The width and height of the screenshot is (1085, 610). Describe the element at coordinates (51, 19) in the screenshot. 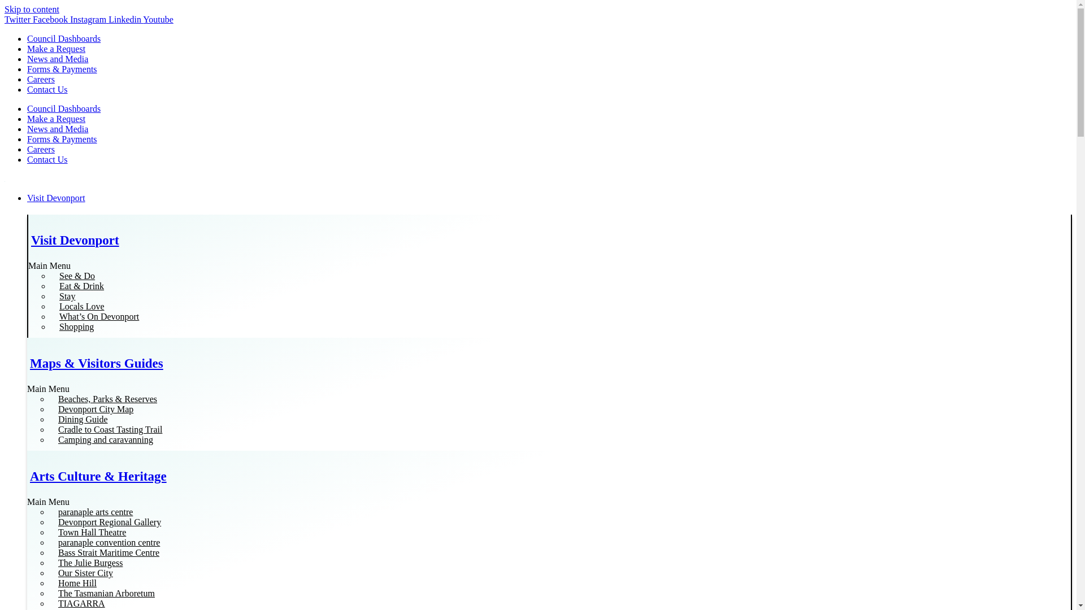

I see `'Facebook'` at that location.